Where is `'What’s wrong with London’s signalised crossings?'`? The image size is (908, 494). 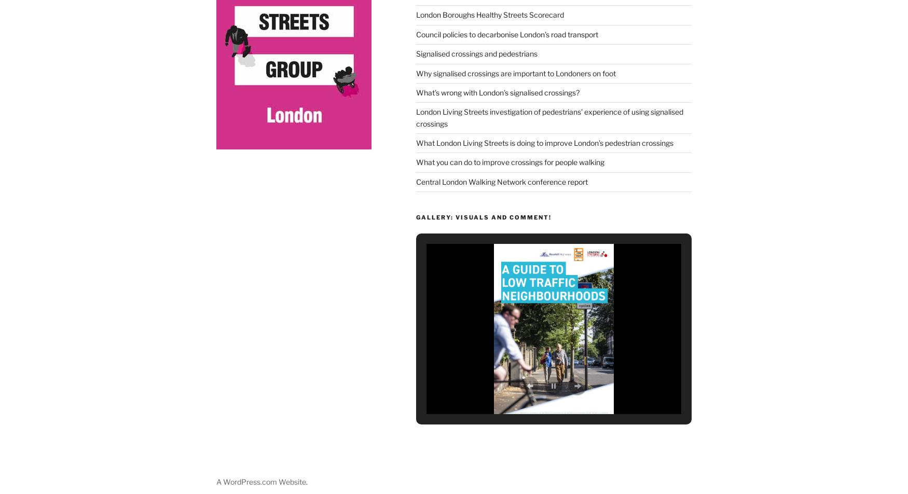 'What’s wrong with London’s signalised crossings?' is located at coordinates (497, 89).